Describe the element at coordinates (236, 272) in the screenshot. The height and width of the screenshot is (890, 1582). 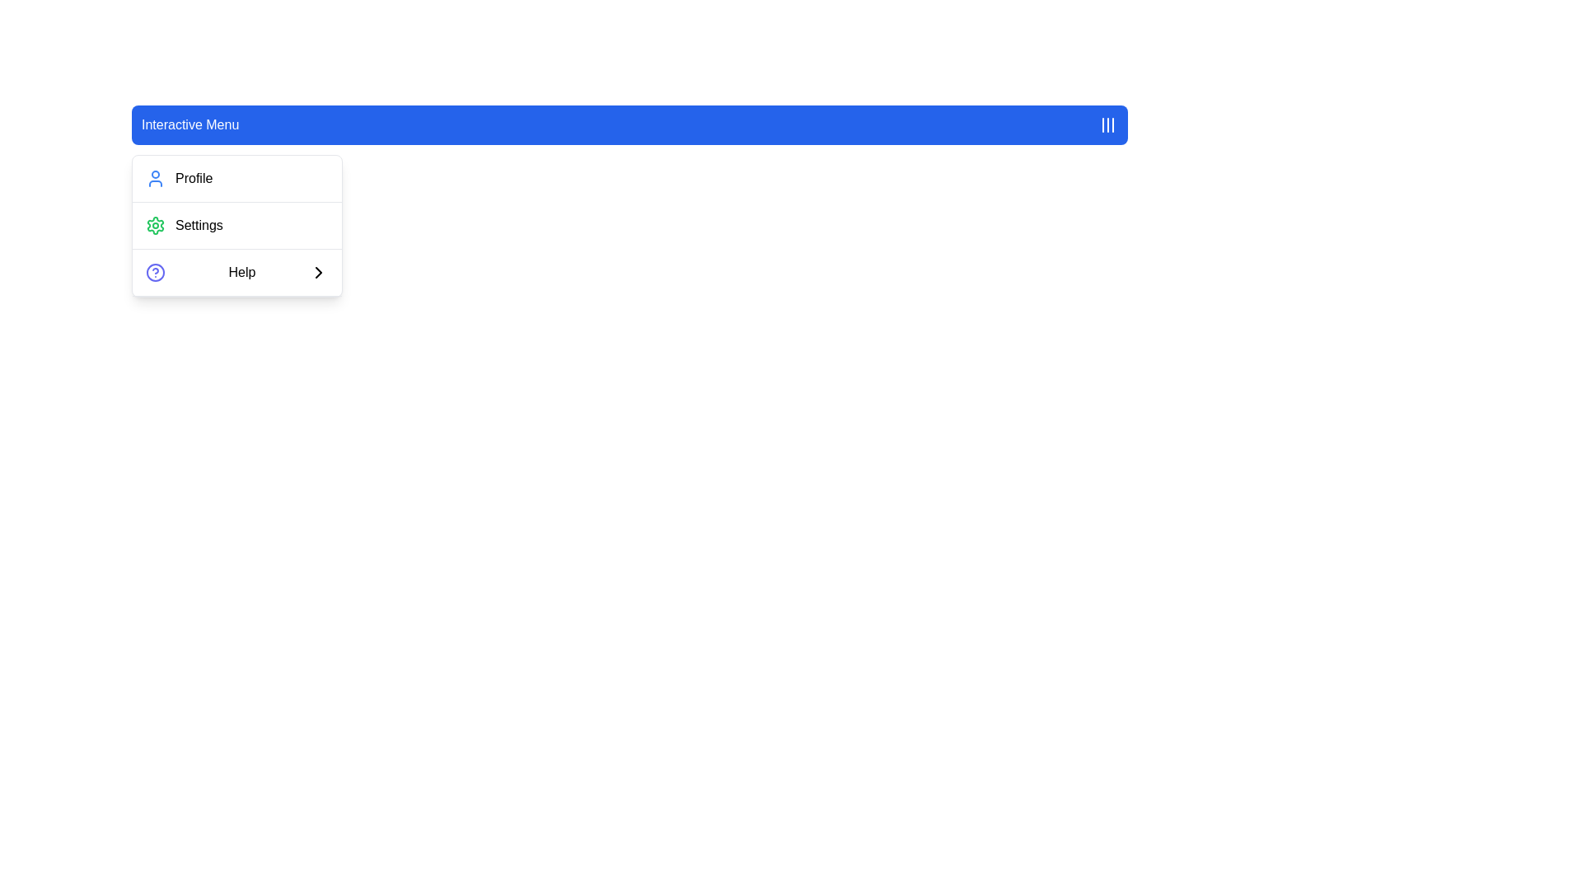
I see `the 'Help' menu item, which is the third item in the dropdown menu` at that location.